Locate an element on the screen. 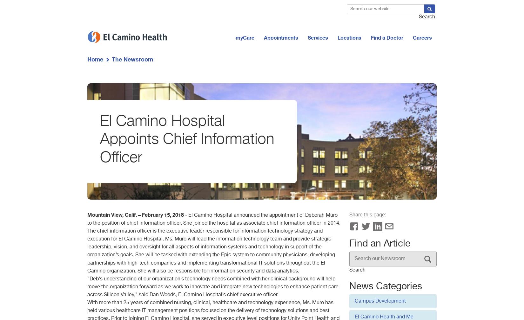  'Careers' is located at coordinates (422, 37).